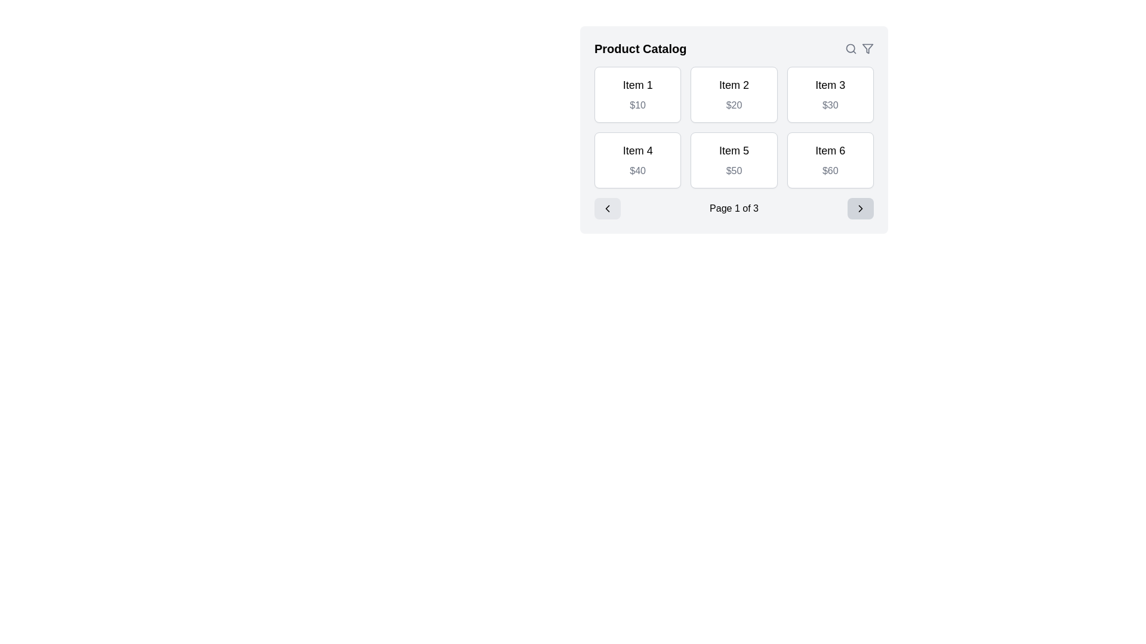 The height and width of the screenshot is (644, 1146). What do you see at coordinates (637, 105) in the screenshot?
I see `the static text label displaying '$10' in light gray color, located below 'Item 1' in the product catalog interface` at bounding box center [637, 105].